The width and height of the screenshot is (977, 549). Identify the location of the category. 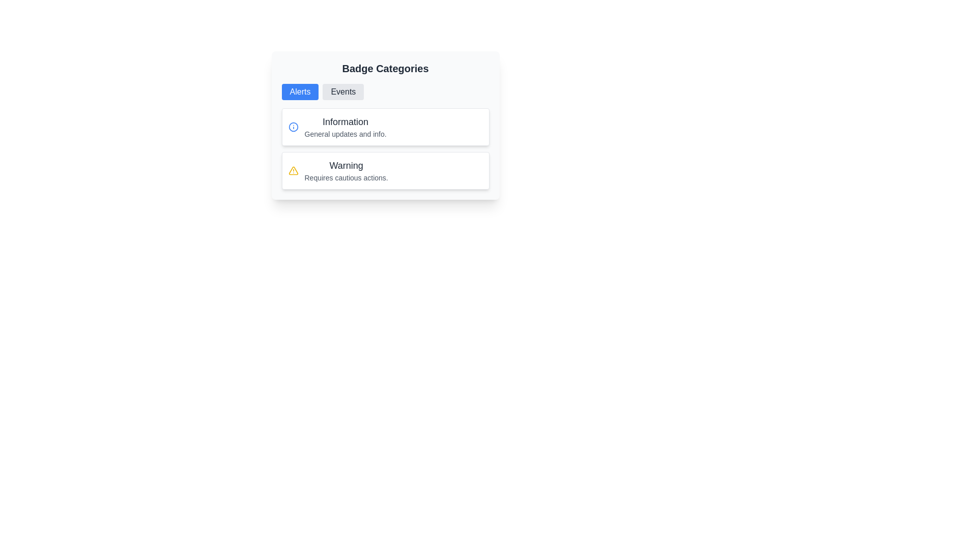
(346, 127).